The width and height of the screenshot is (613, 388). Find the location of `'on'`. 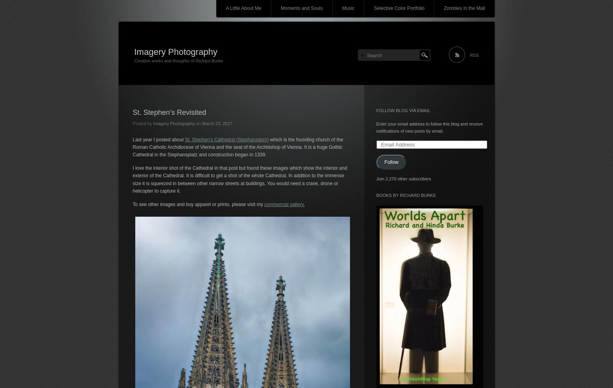

'on' is located at coordinates (198, 123).